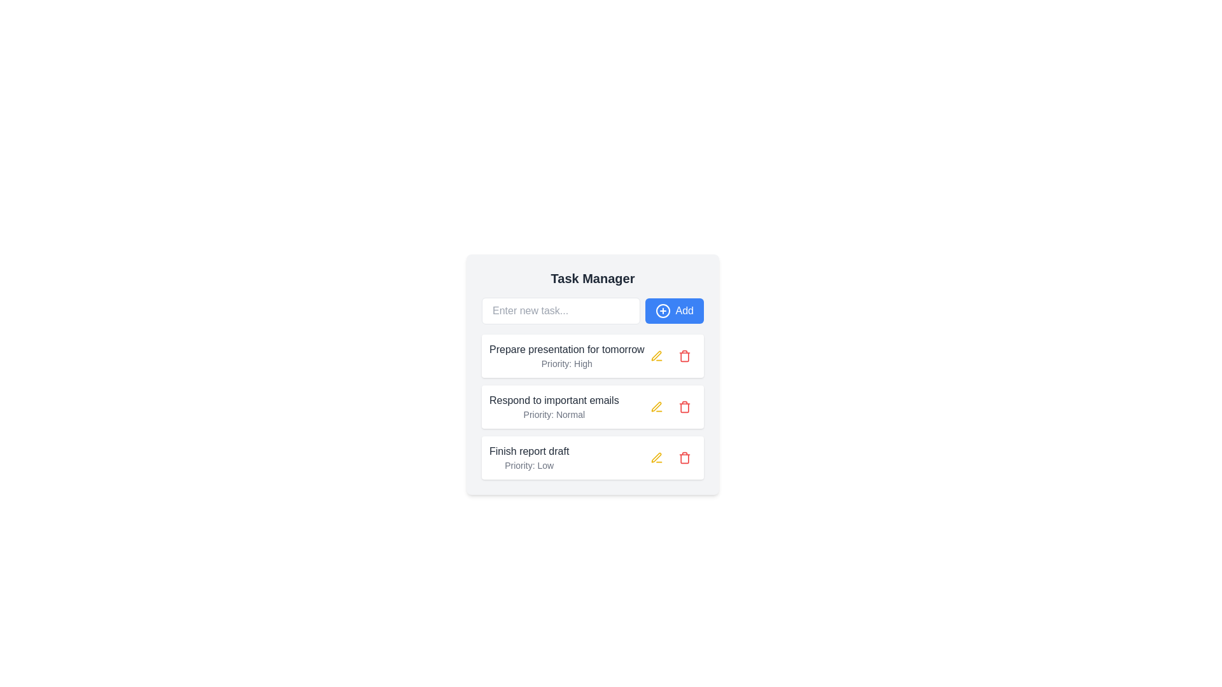 This screenshot has width=1222, height=687. What do you see at coordinates (657, 356) in the screenshot?
I see `the circular yellow button with a pen icon, which is the first interactive button in the control group of the first task item, to trigger its hover effect` at bounding box center [657, 356].